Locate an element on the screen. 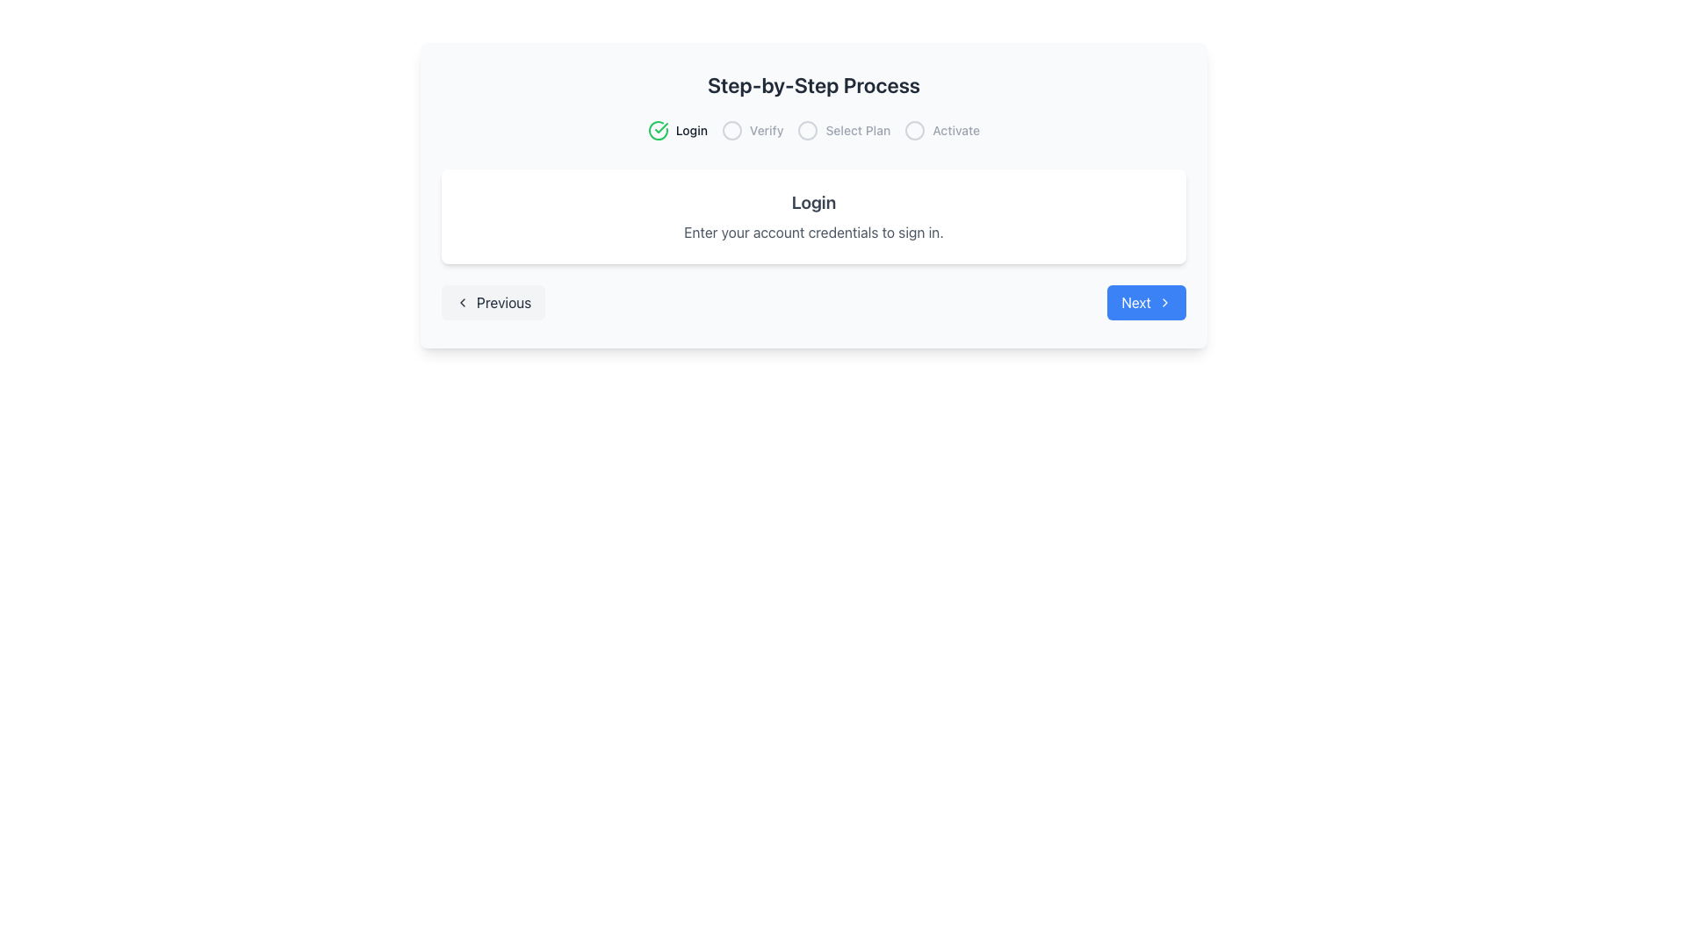 This screenshot has height=948, width=1686. the static text header indicating the purpose of the section related to logging into an account is located at coordinates (812, 202).